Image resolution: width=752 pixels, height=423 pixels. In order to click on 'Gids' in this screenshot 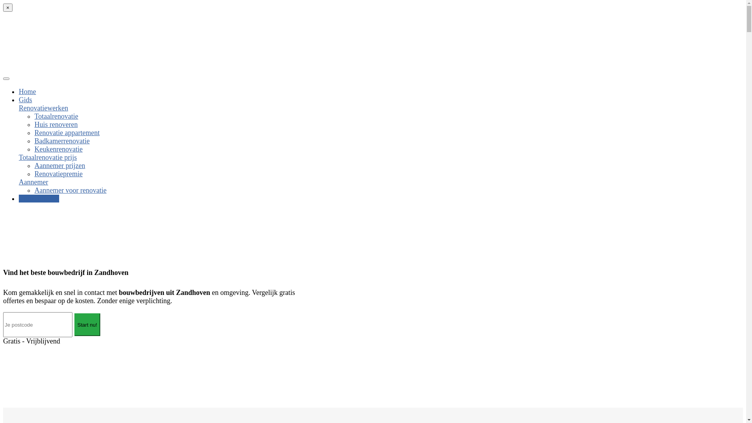, I will do `click(25, 99)`.